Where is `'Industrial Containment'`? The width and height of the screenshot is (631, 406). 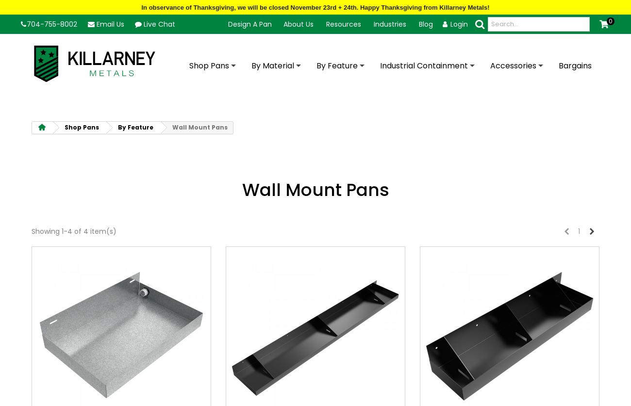 'Industrial Containment' is located at coordinates (423, 65).